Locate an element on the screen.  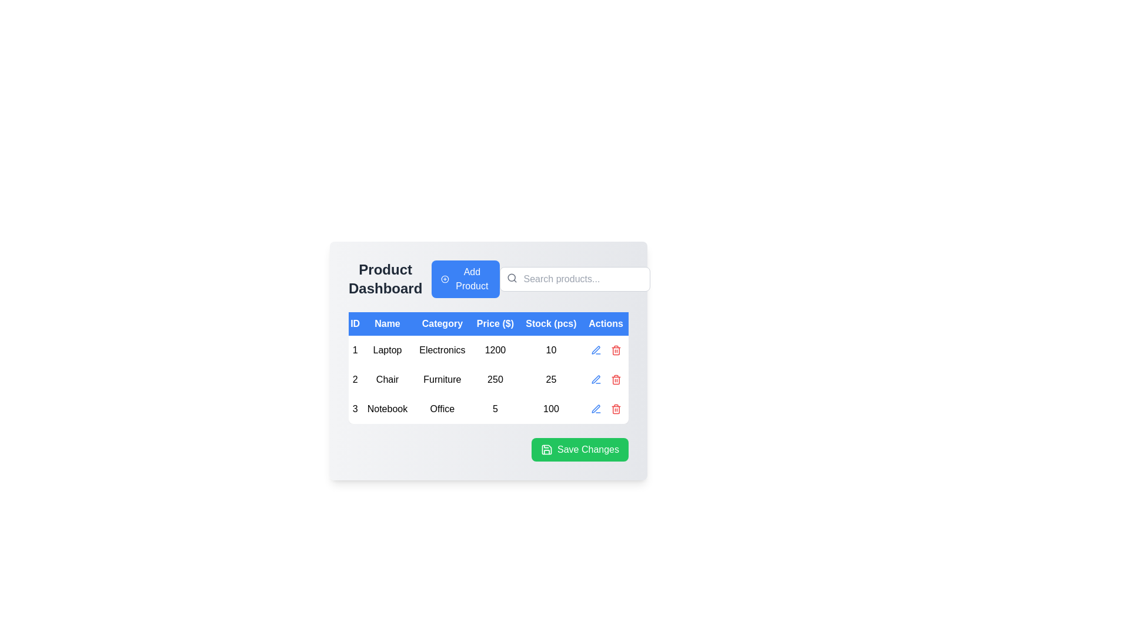
the SVG circle component that represents an 'Add Product' icon, located in the header section of the interface is located at coordinates (445, 279).